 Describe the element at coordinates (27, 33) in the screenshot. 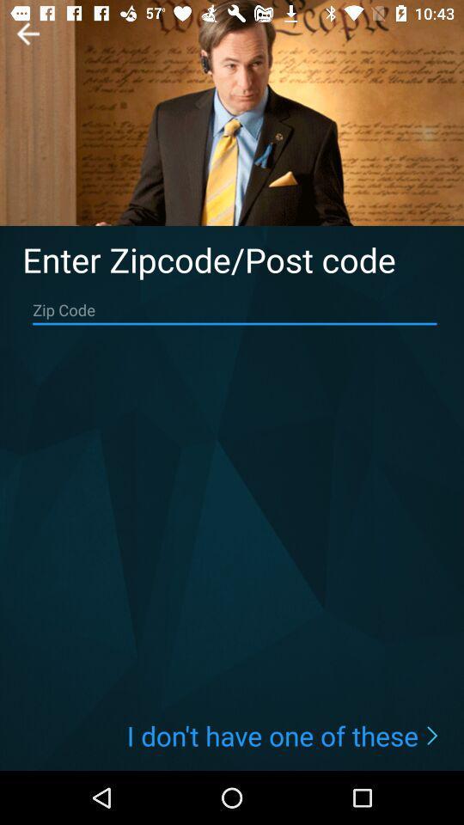

I see `go back` at that location.